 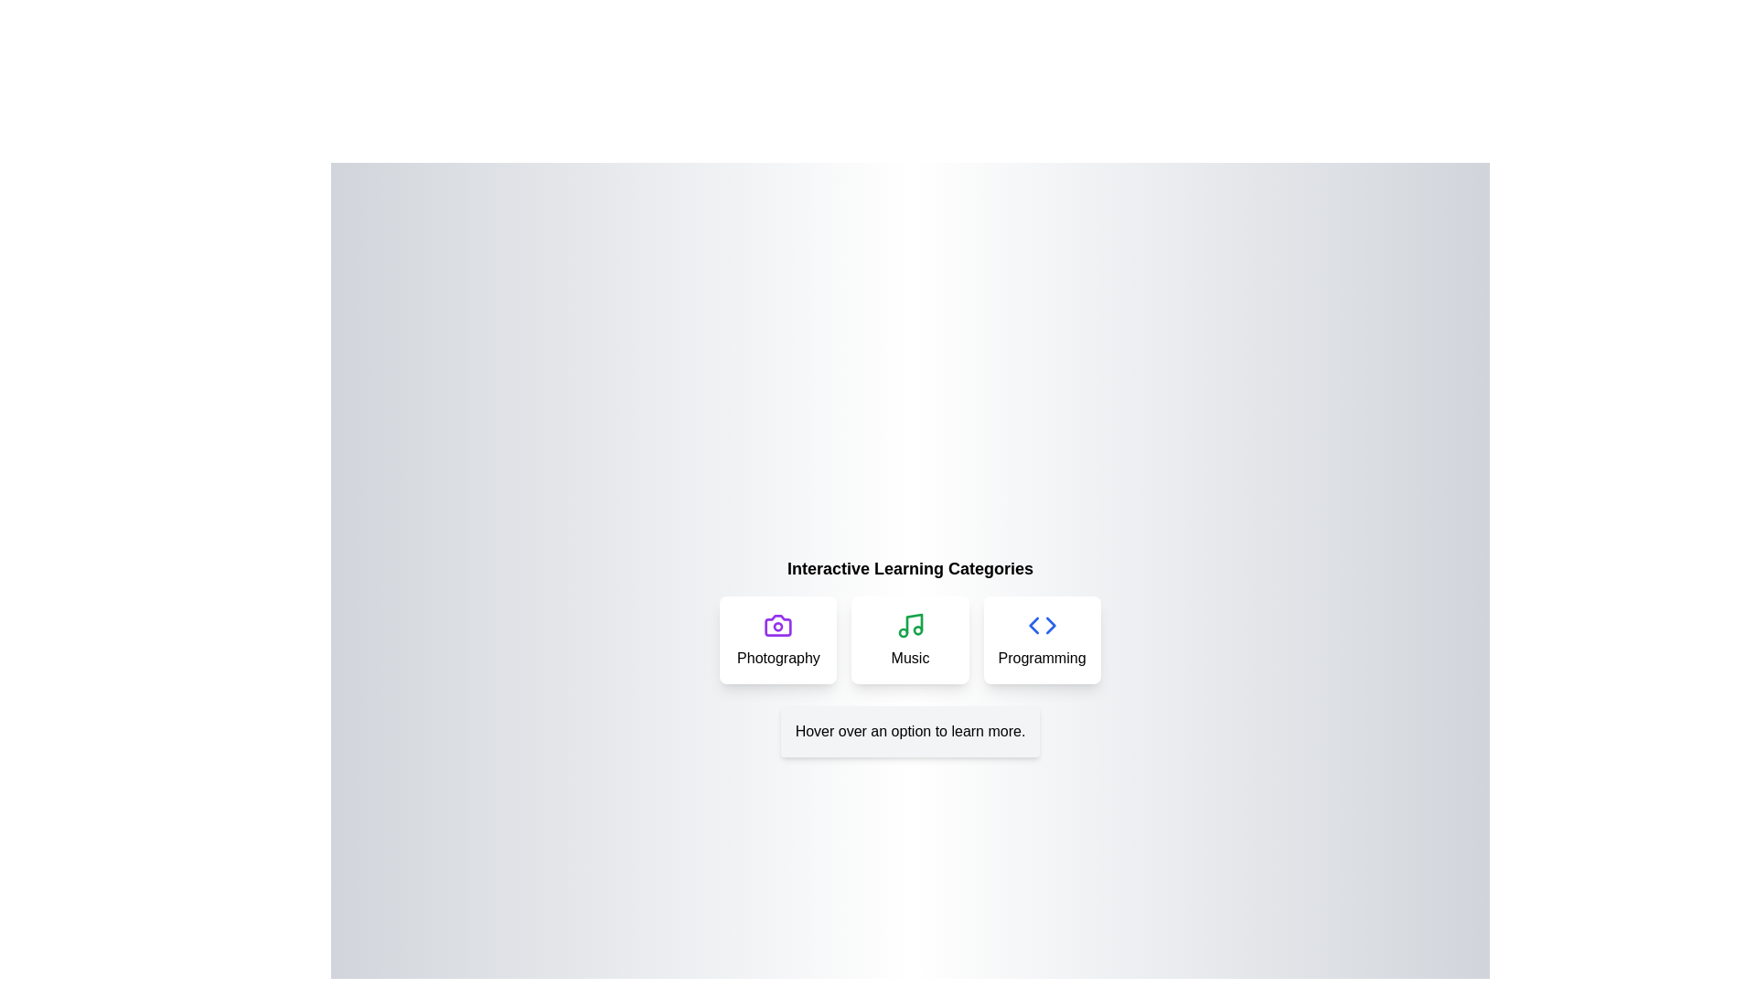 What do you see at coordinates (778, 639) in the screenshot?
I see `the leftmost card in the row that represents the category selection option for 'Photography.'` at bounding box center [778, 639].